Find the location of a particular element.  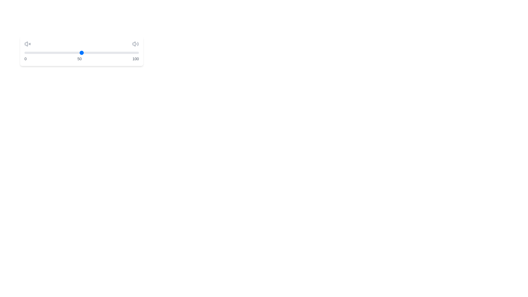

the slider to set the volume to 57% is located at coordinates (90, 53).